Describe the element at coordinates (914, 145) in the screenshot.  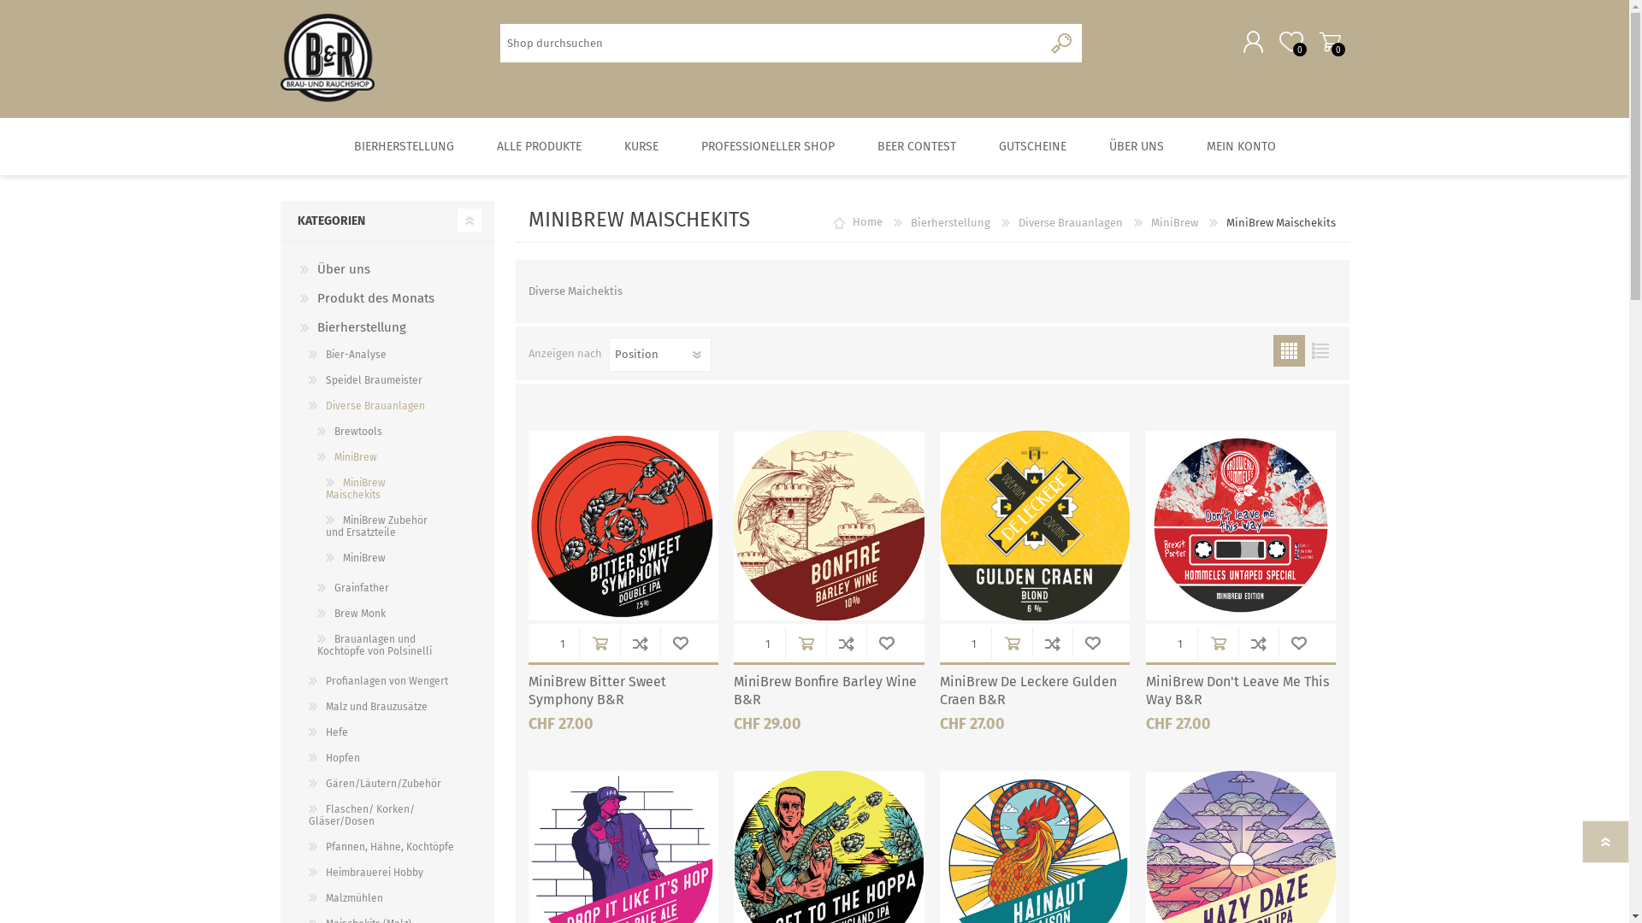
I see `'BEER CONTEST'` at that location.